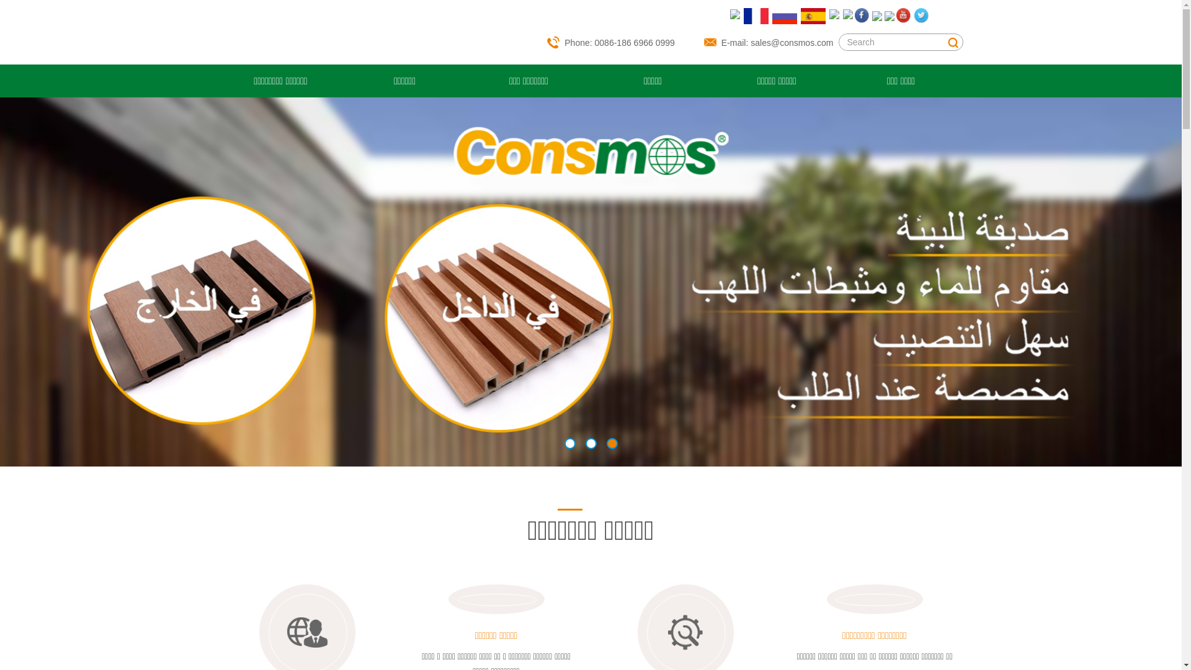 The image size is (1191, 670). What do you see at coordinates (612, 442) in the screenshot?
I see `'3'` at bounding box center [612, 442].